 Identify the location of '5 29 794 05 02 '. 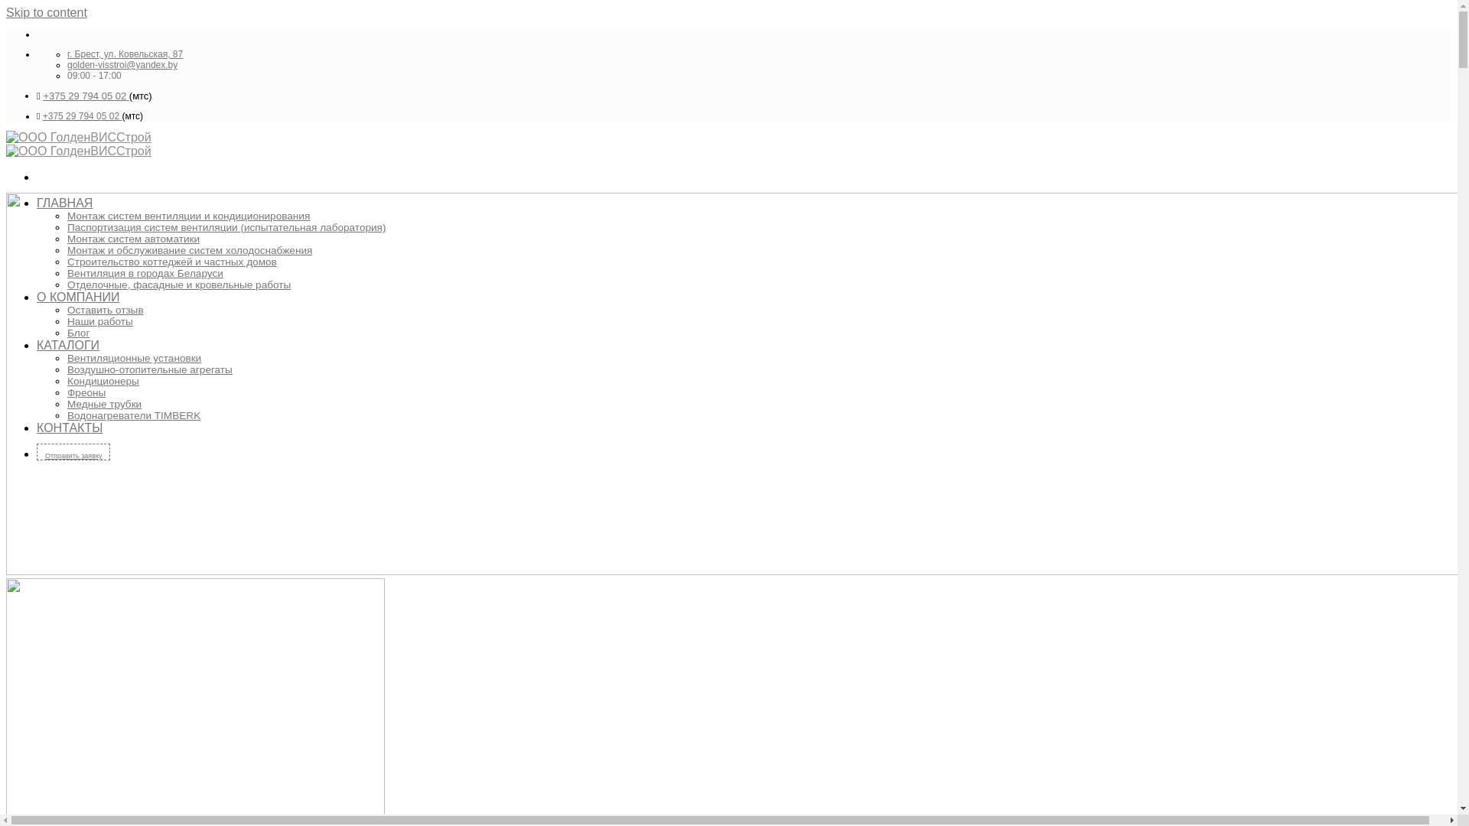
(89, 115).